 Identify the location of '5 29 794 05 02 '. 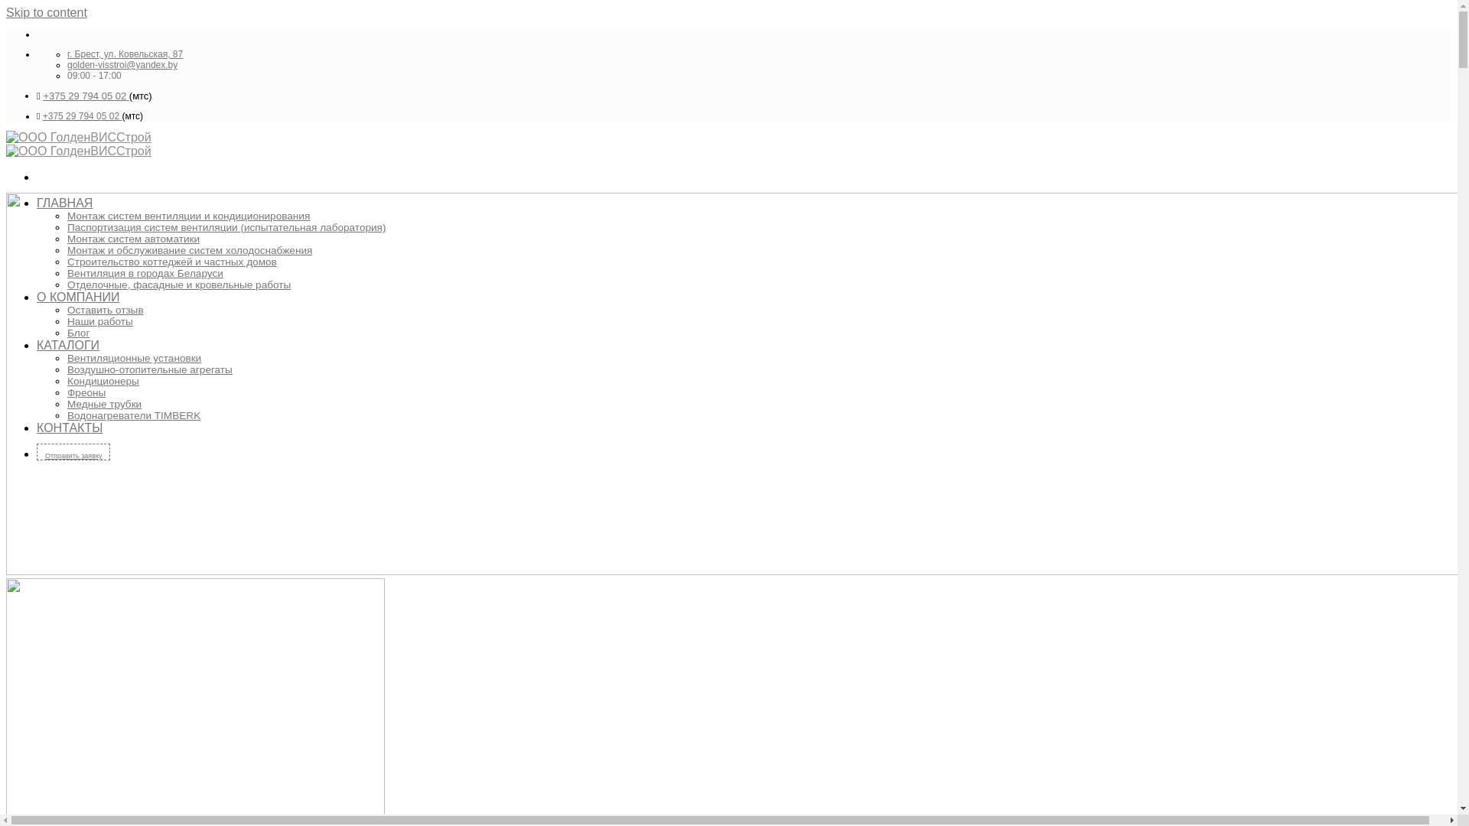
(89, 115).